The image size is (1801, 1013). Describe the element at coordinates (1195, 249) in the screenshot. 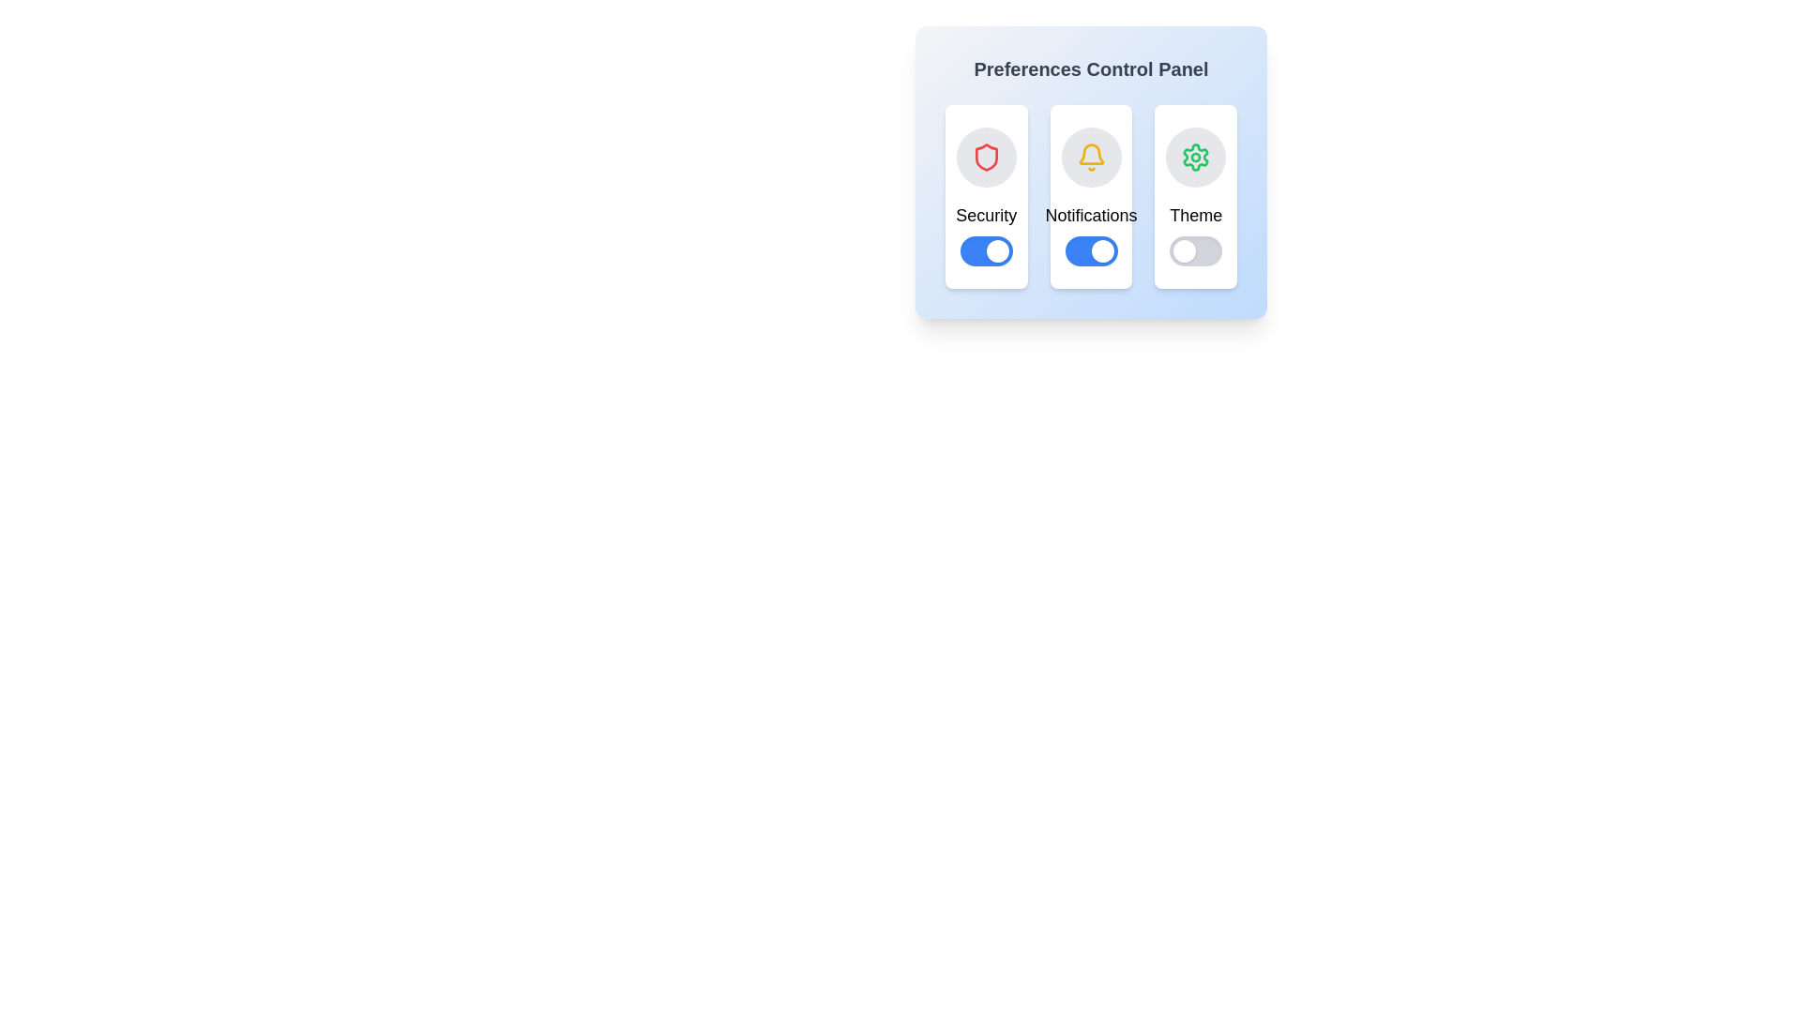

I see `the Theme switch to toggle its state` at that location.